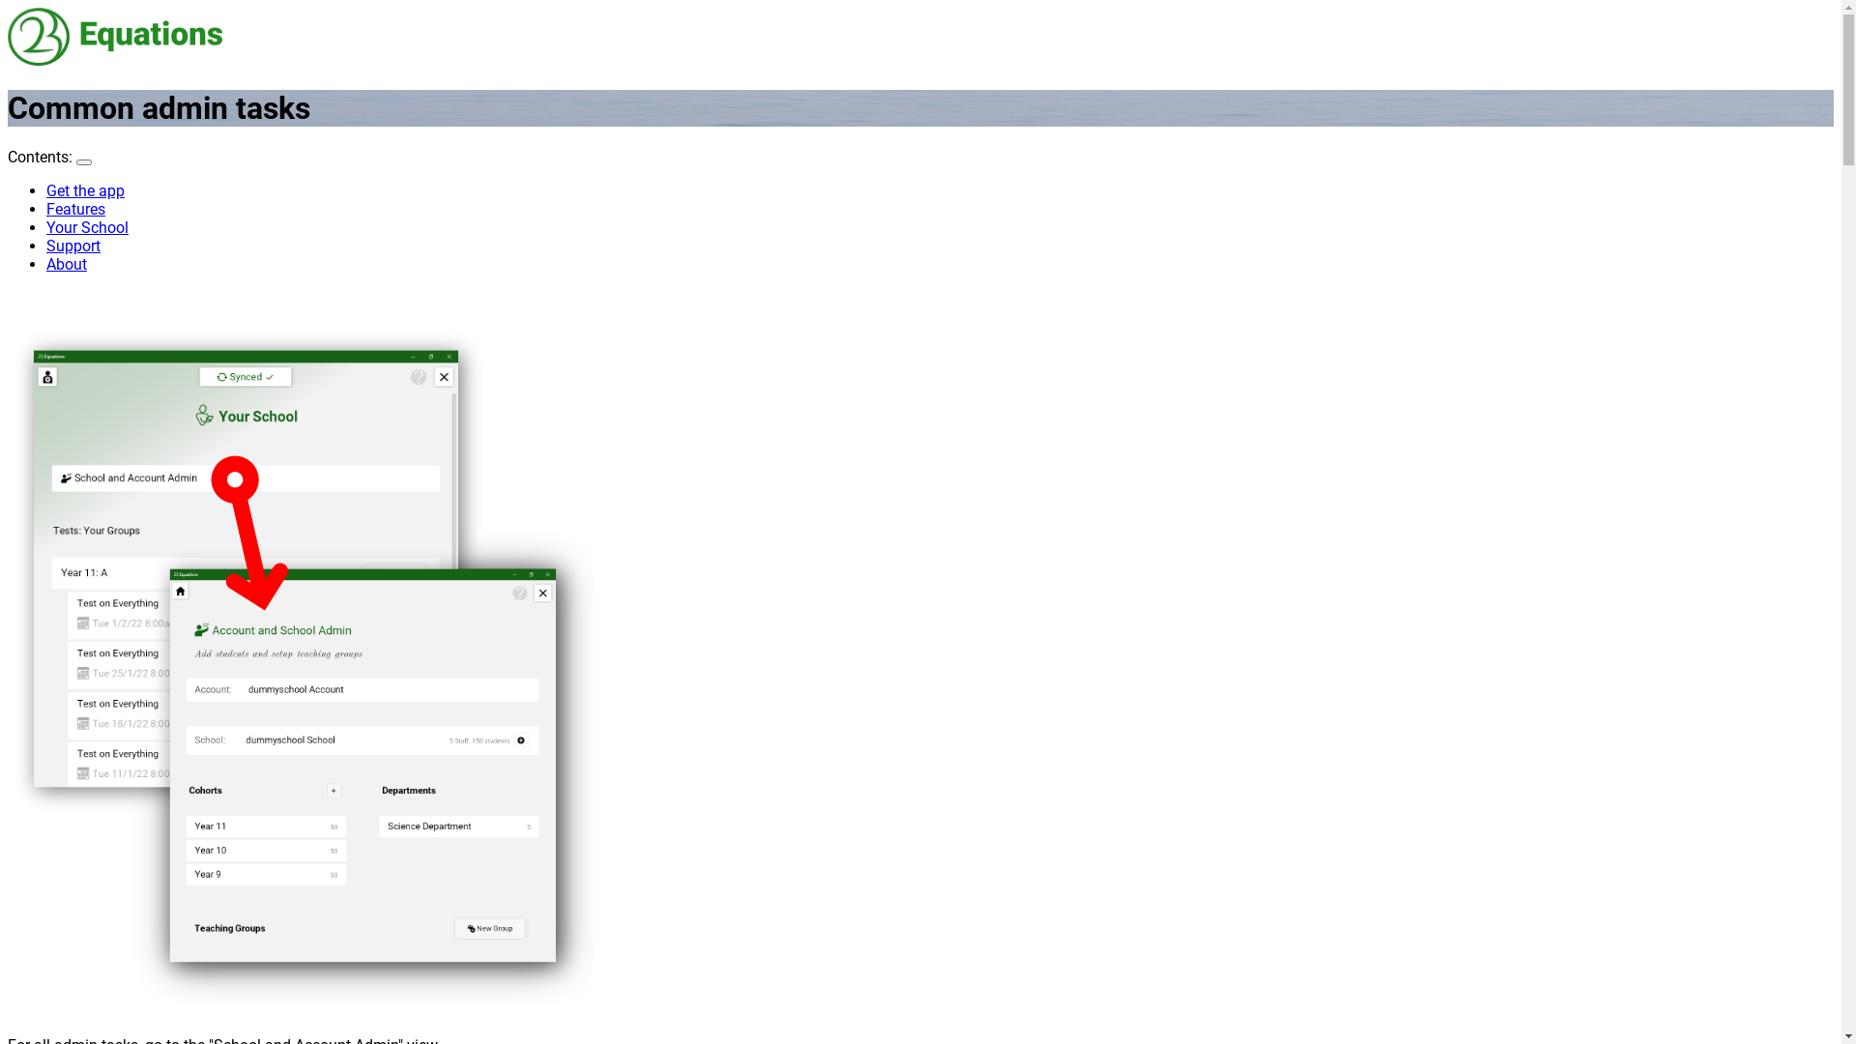  I want to click on 'Your School', so click(46, 226).